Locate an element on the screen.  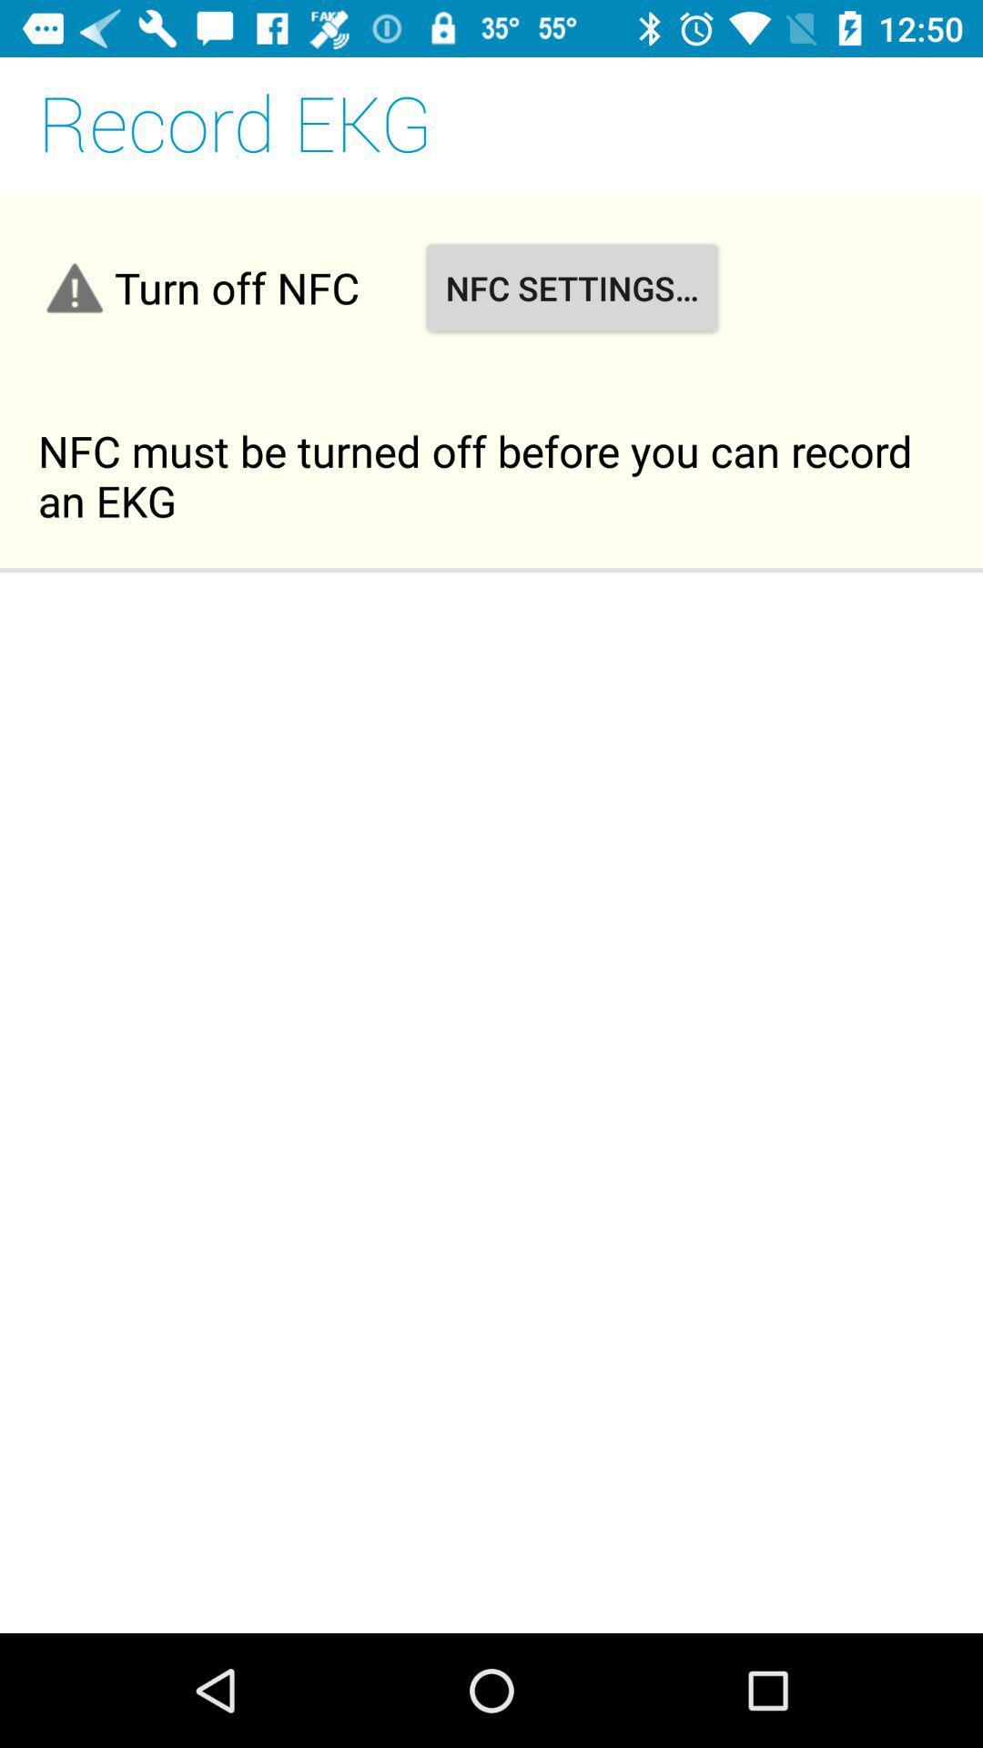
item above the nfc must be icon is located at coordinates (571, 287).